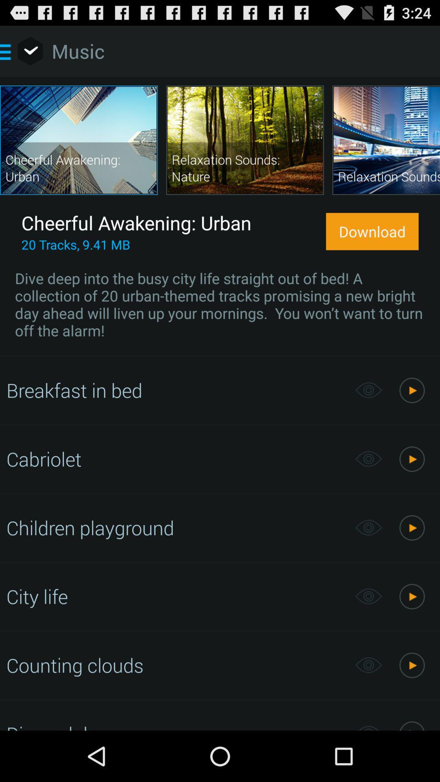 The image size is (440, 782). Describe the element at coordinates (176, 725) in the screenshot. I see `disco club item` at that location.